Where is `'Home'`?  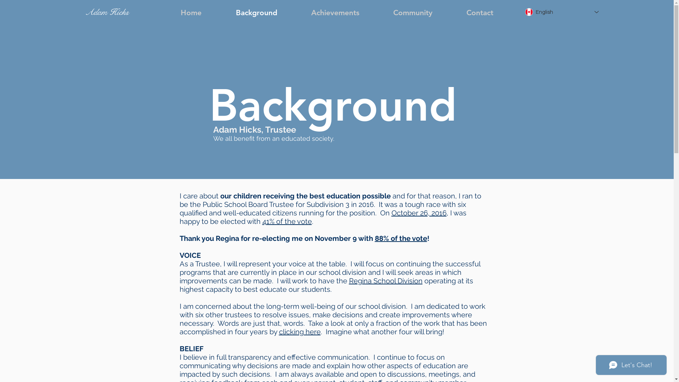 'Home' is located at coordinates (191, 12).